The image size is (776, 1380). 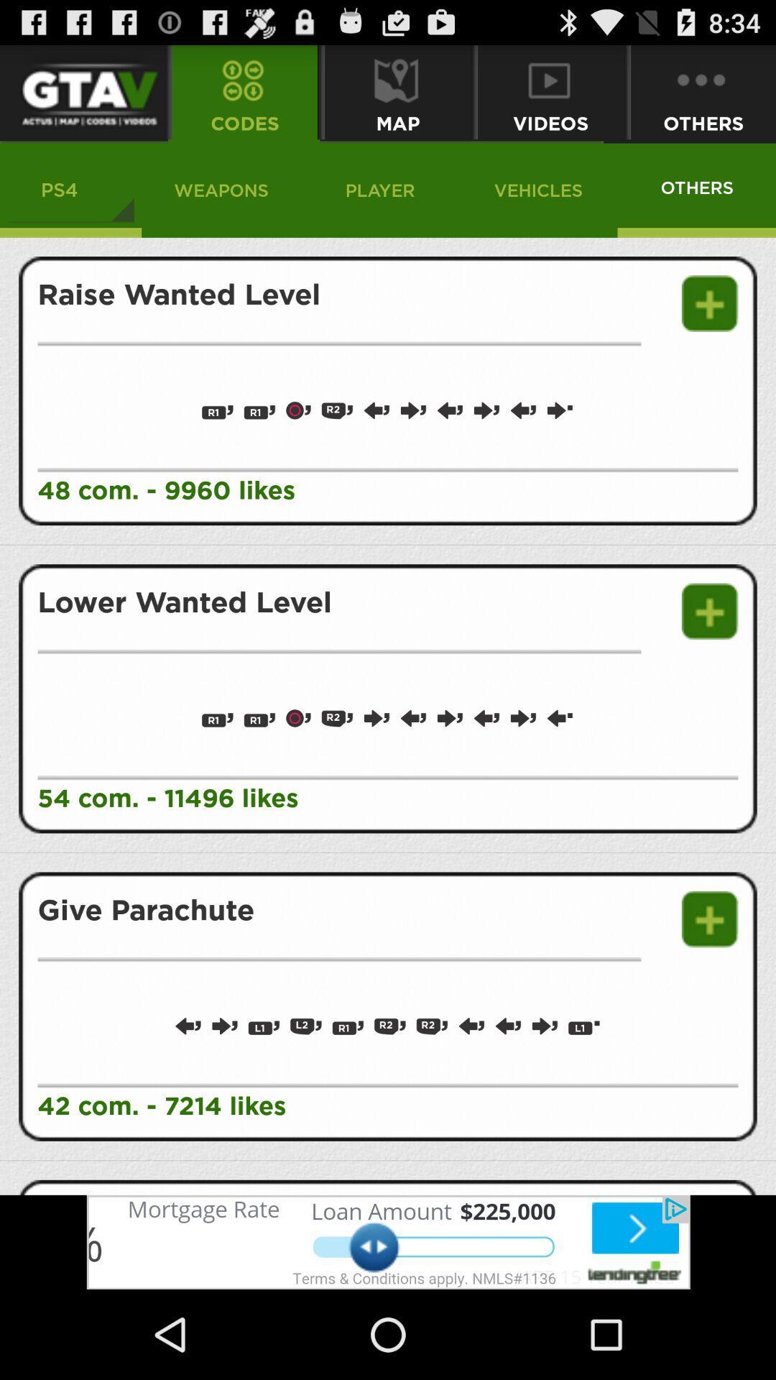 I want to click on to click go to particular page, so click(x=82, y=91).